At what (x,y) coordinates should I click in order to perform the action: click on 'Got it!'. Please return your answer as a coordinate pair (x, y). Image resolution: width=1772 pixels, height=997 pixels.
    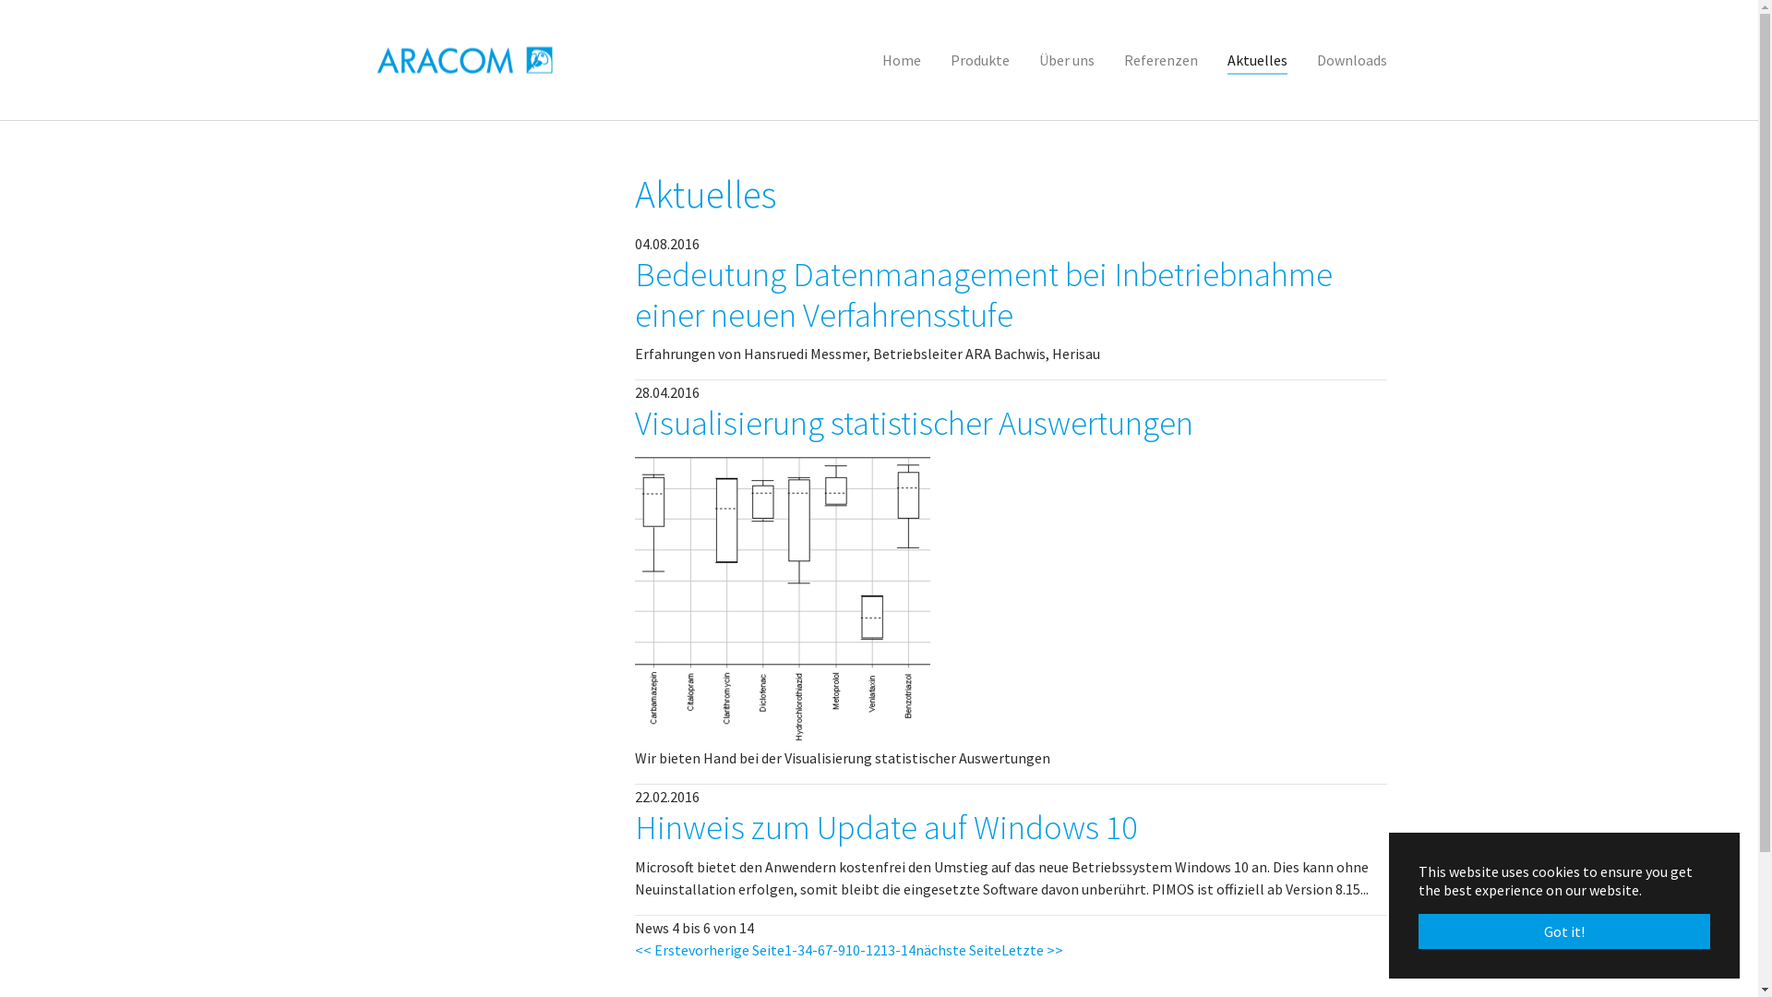
    Looking at the image, I should click on (1562, 931).